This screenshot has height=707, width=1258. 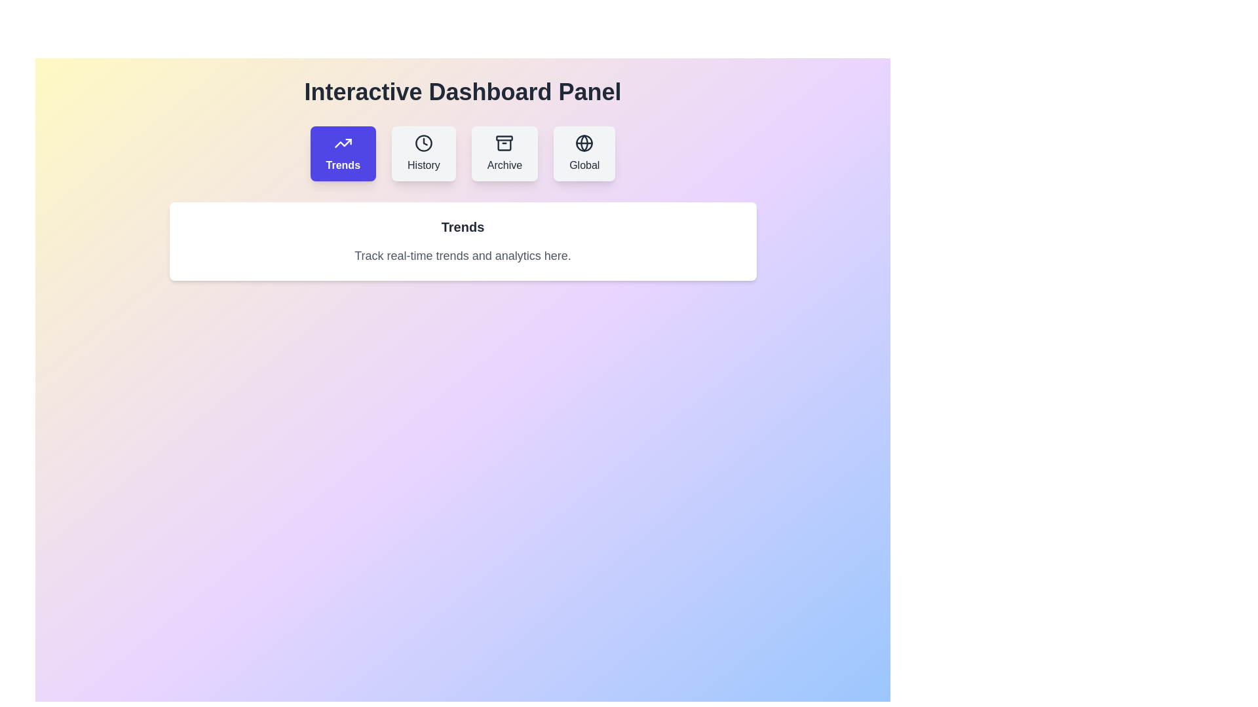 I want to click on the button labeled Global to observe its hover effect, so click(x=584, y=153).